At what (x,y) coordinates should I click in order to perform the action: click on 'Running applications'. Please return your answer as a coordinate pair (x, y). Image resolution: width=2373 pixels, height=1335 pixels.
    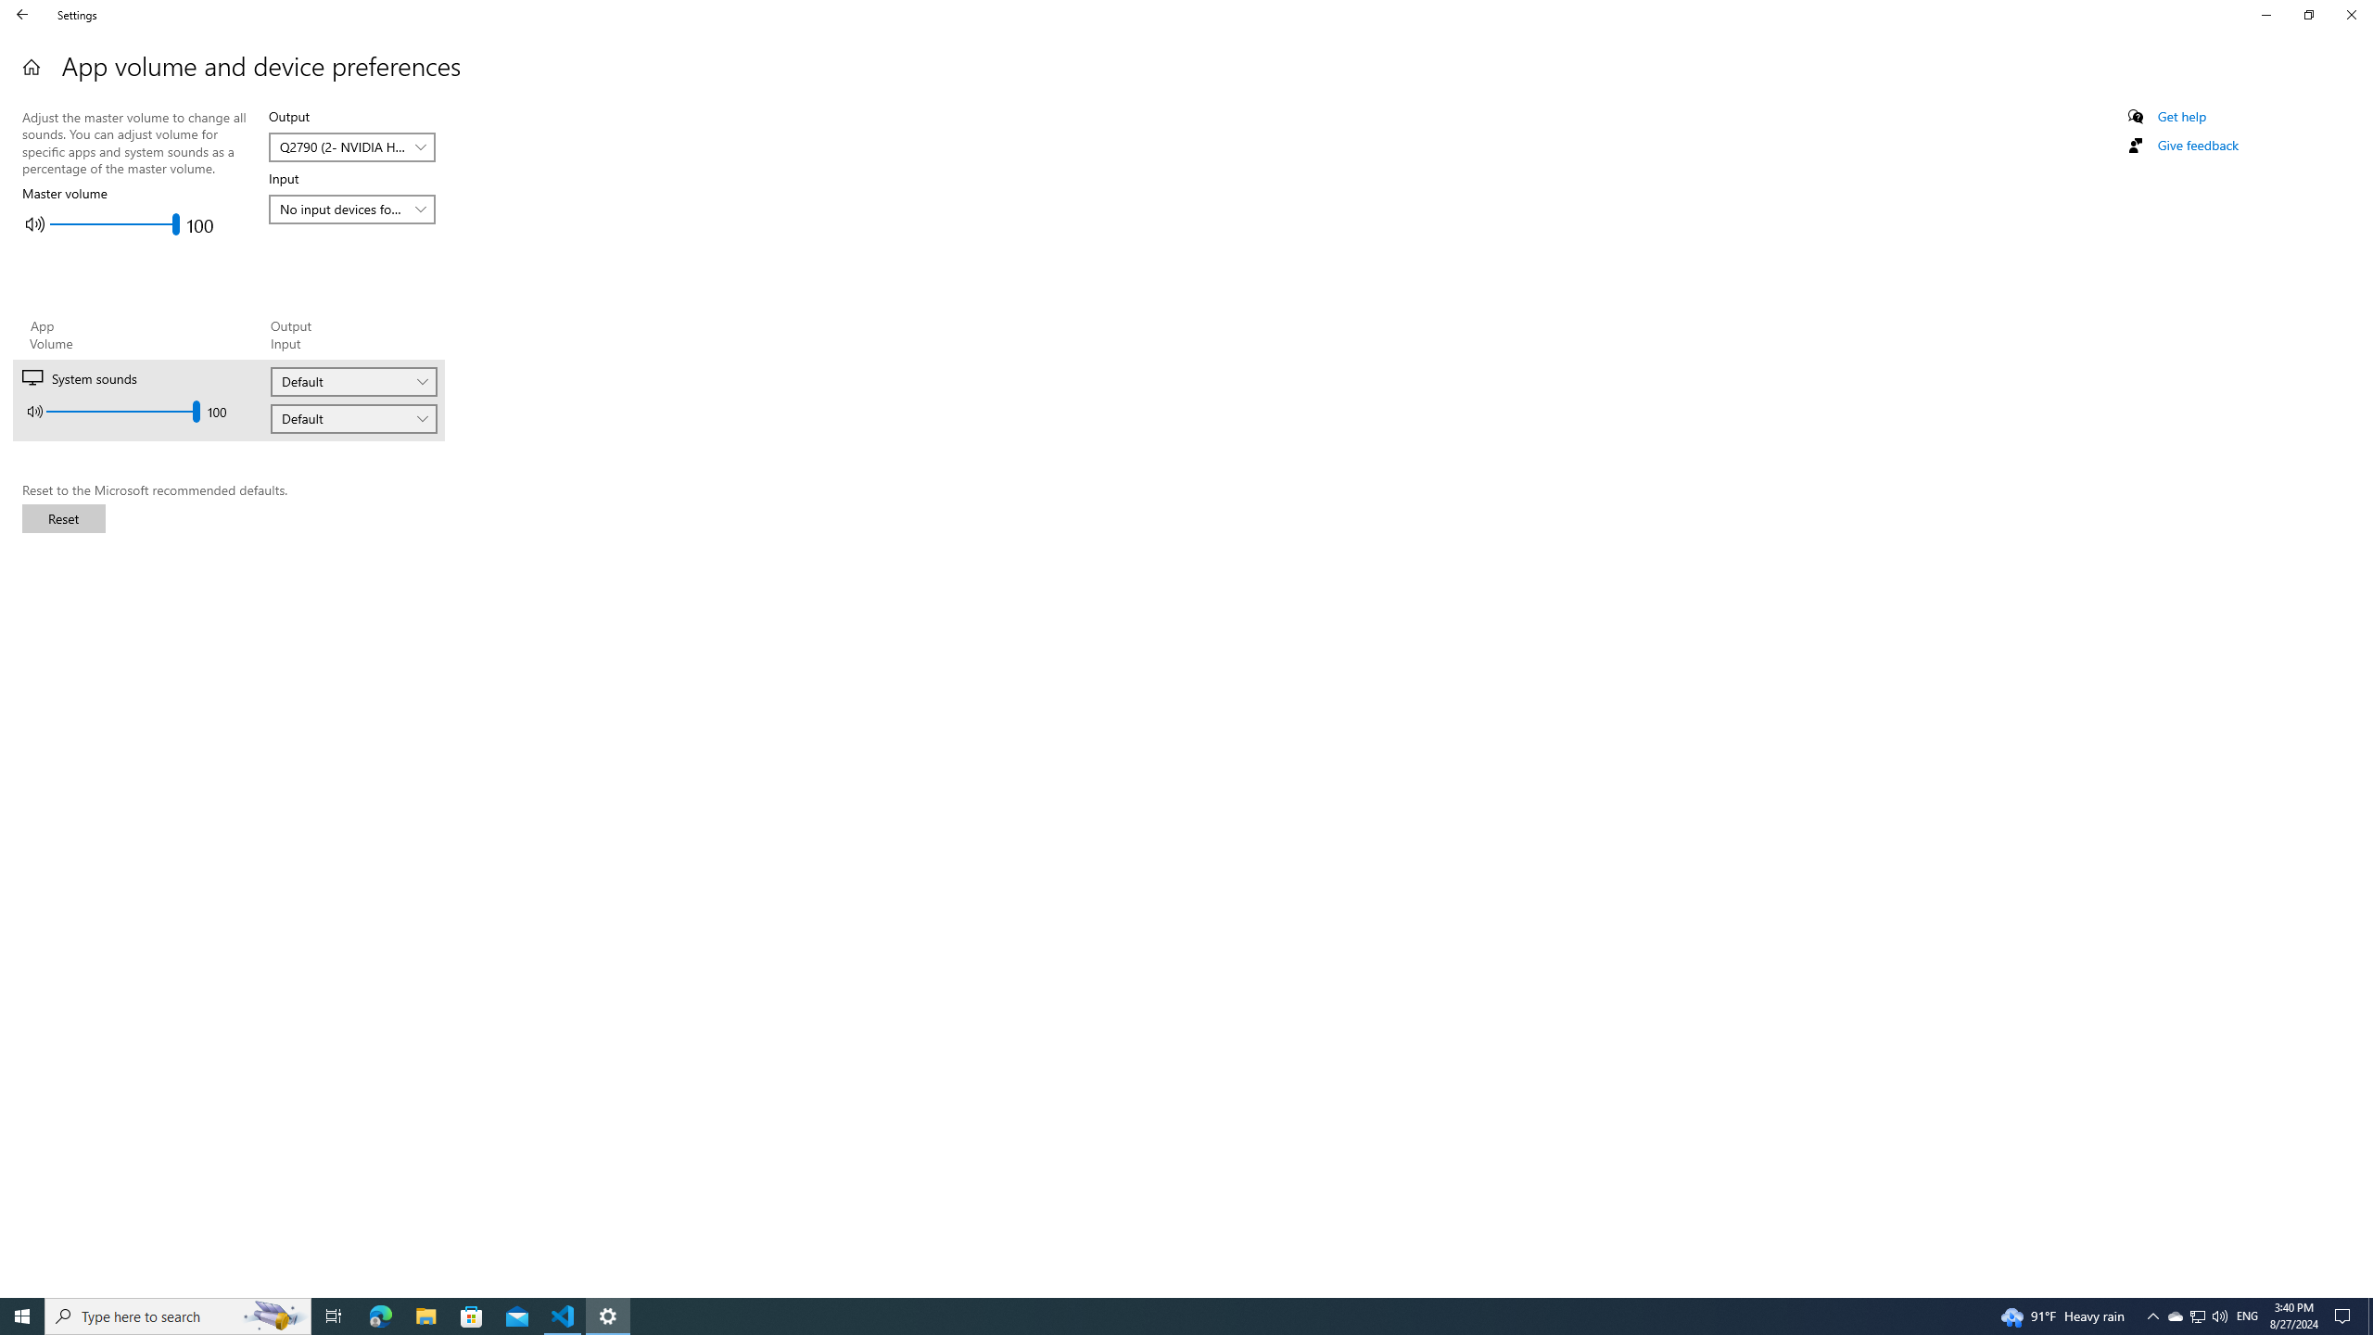
    Looking at the image, I should click on (1151, 1315).